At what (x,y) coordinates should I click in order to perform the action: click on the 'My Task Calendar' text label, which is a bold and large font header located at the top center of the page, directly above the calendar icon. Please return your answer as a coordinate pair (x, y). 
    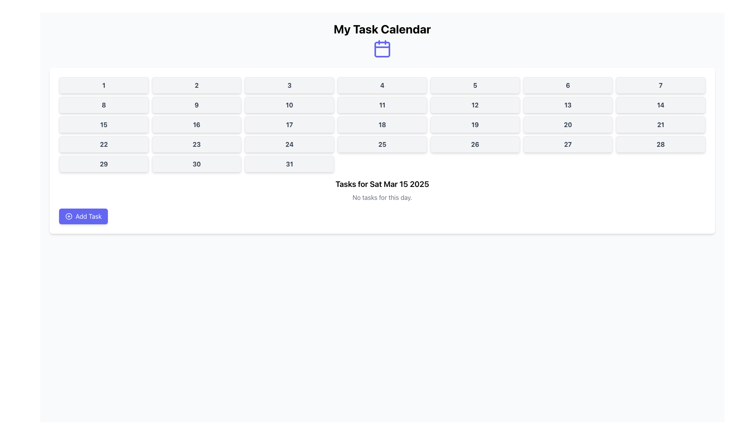
    Looking at the image, I should click on (382, 28).